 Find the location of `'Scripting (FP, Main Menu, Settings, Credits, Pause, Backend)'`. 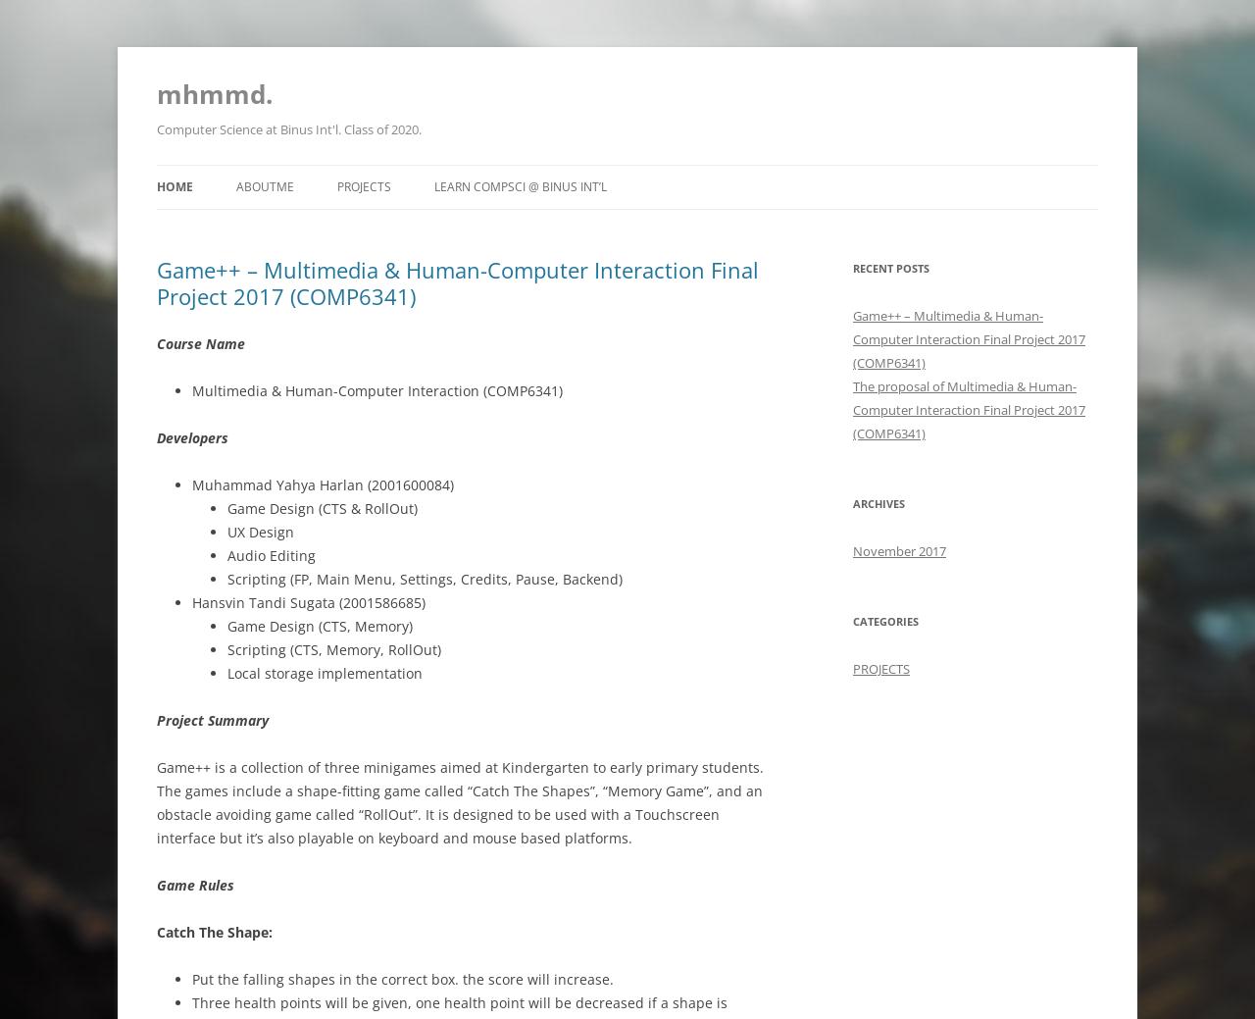

'Scripting (FP, Main Menu, Settings, Credits, Pause, Backend)' is located at coordinates (424, 579).